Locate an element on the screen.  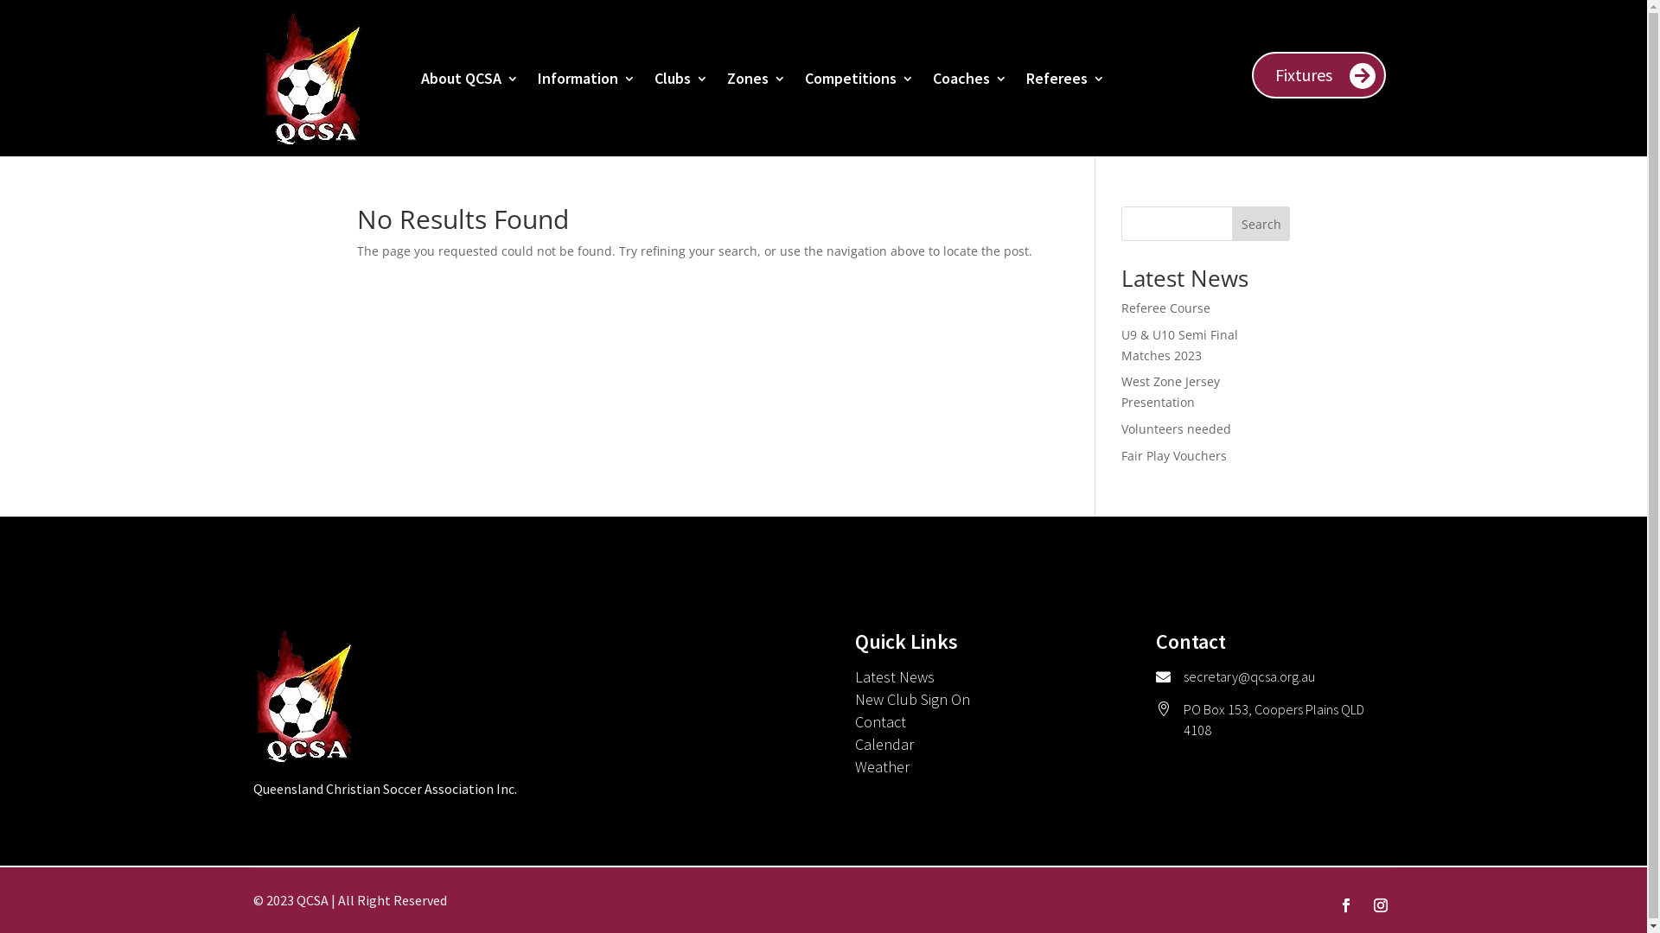
'secretary@qcsa.org.au' is located at coordinates (1182, 676).